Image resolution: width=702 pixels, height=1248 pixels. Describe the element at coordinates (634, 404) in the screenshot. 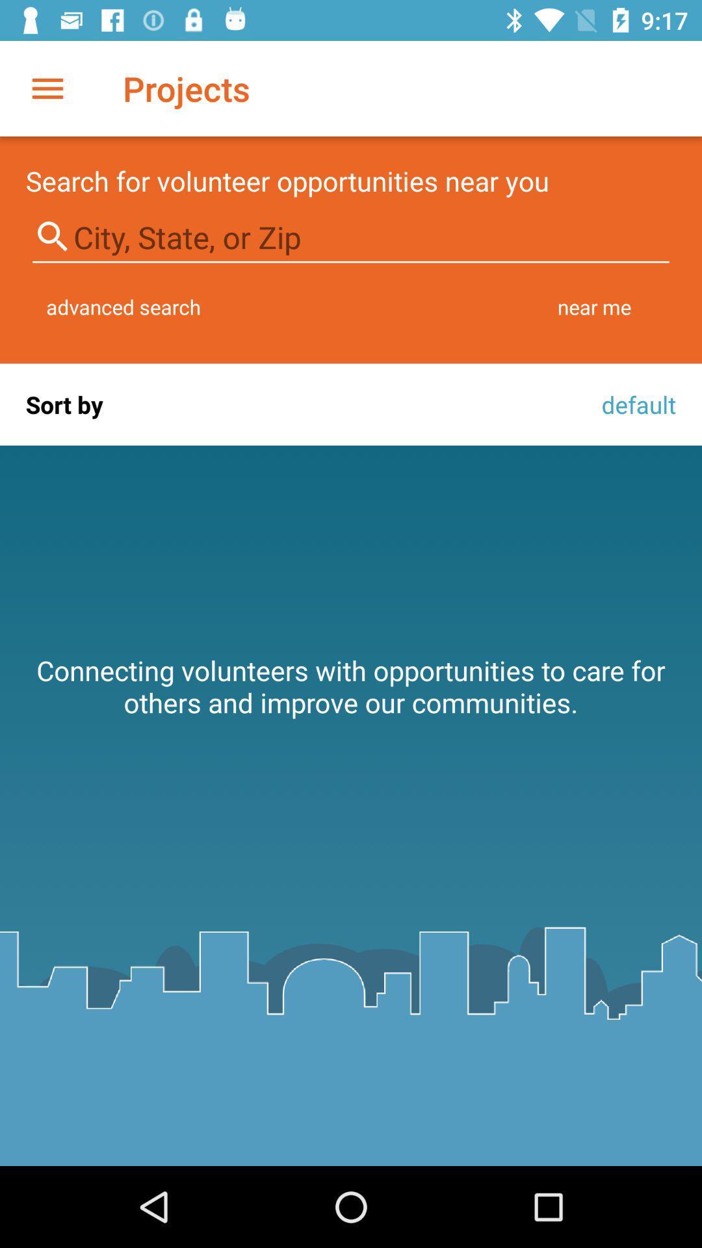

I see `the item above the connecting volunteers with icon` at that location.